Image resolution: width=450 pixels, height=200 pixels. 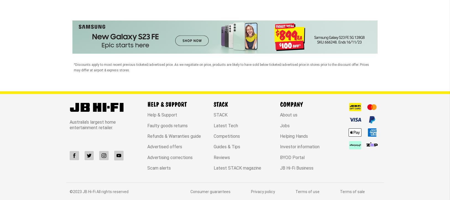 What do you see at coordinates (292, 111) in the screenshot?
I see `'BYOD Portal'` at bounding box center [292, 111].